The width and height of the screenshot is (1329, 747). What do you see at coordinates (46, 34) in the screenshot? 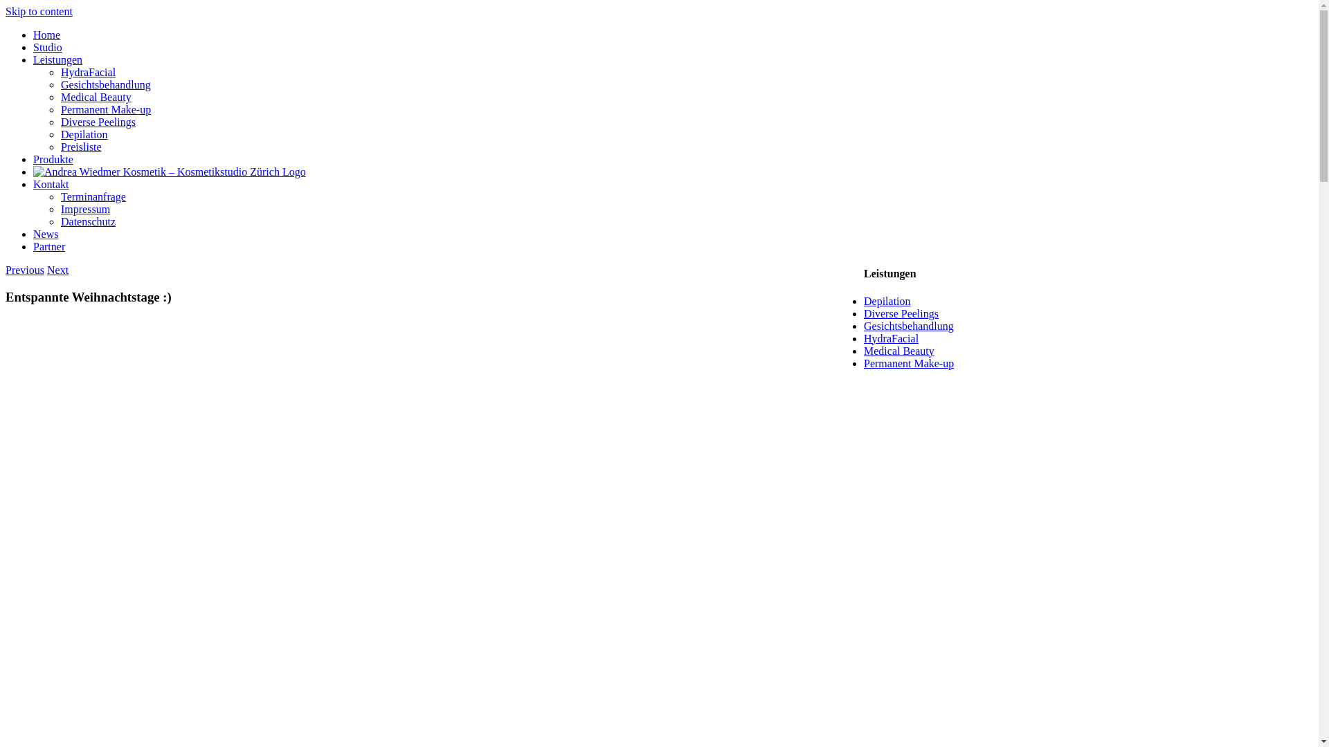
I see `'Home'` at bounding box center [46, 34].